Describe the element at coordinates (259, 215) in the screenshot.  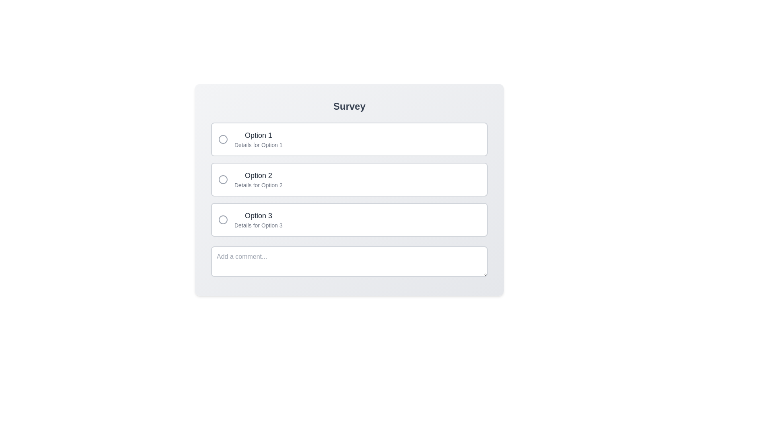
I see `the static text label that identifies the third option in the survey, located within the content section between 'Option 2' and its corresponding details` at that location.